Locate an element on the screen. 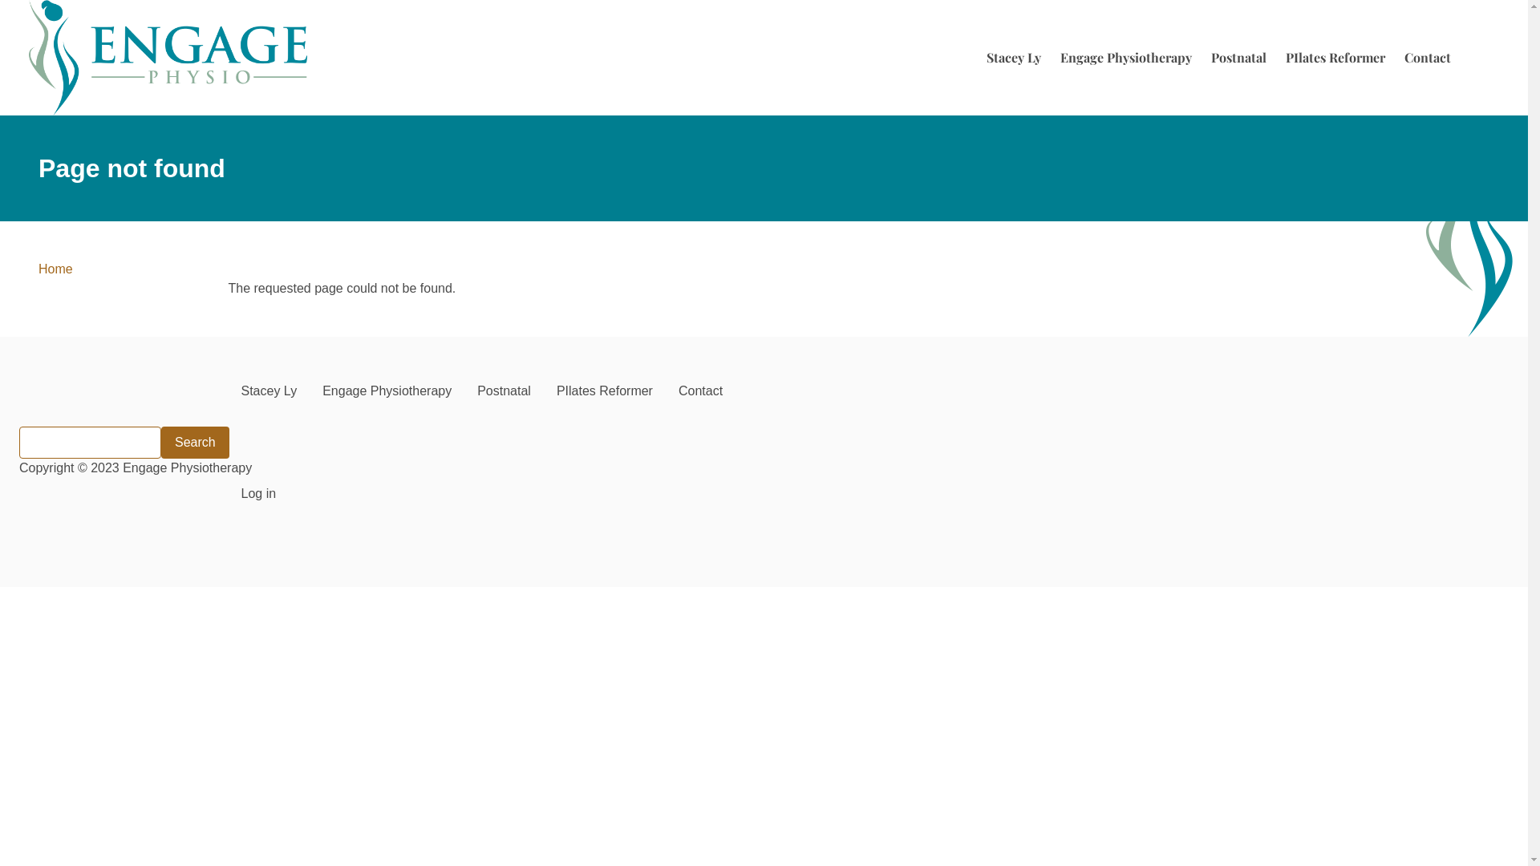 This screenshot has height=866, width=1540. 'Postnatal' is located at coordinates (1238, 57).